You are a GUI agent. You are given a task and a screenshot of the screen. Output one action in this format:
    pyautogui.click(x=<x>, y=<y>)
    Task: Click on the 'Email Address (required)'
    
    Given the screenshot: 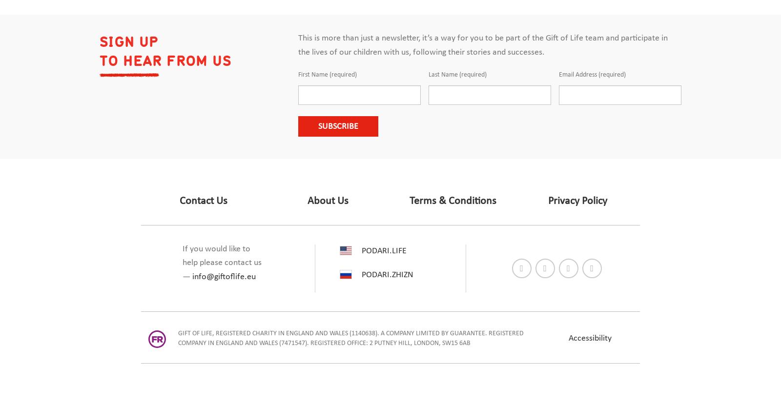 What is the action you would take?
    pyautogui.click(x=591, y=74)
    